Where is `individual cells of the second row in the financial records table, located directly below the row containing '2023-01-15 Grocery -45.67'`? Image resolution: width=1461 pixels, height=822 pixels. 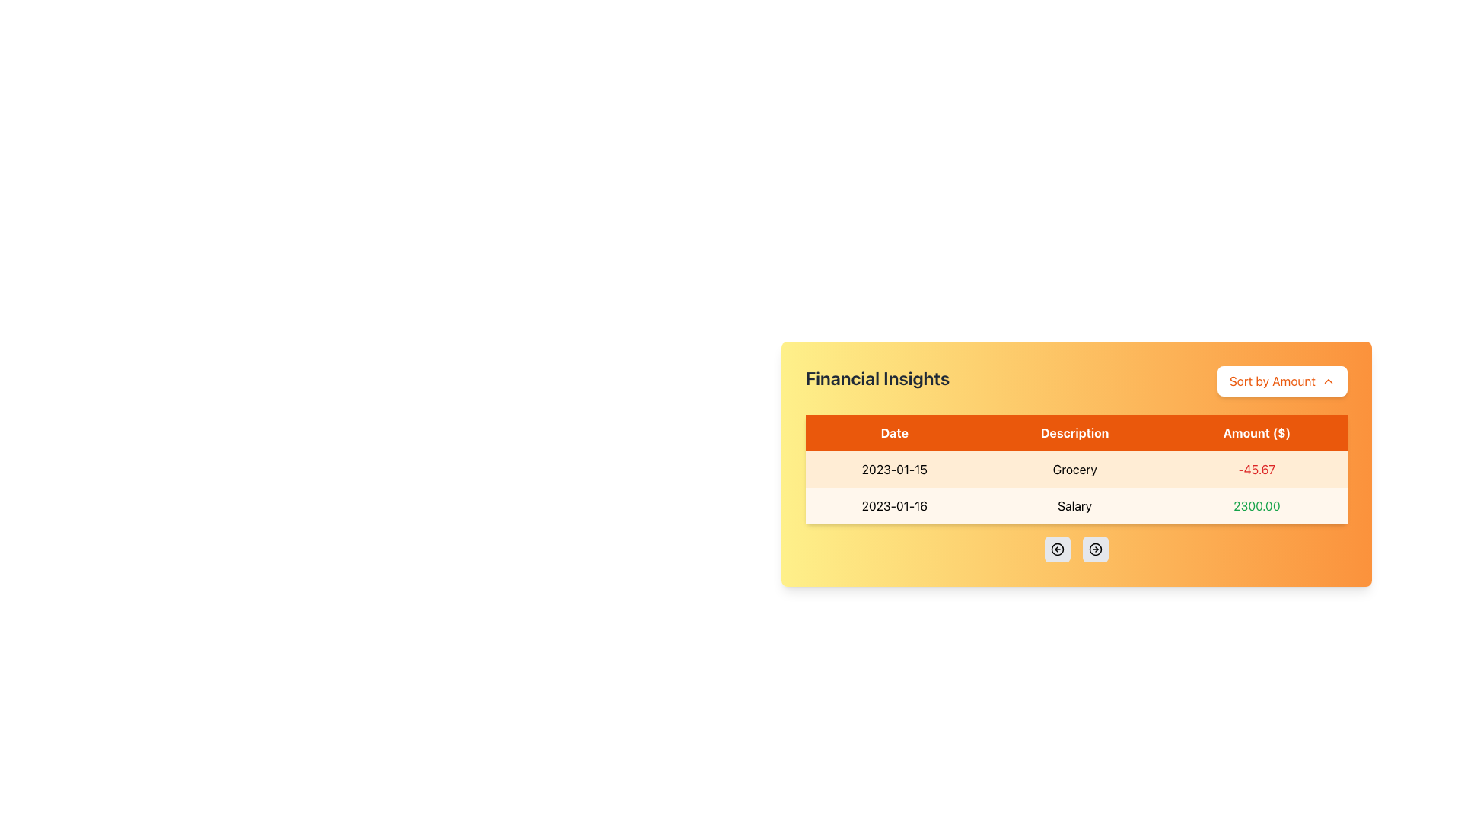 individual cells of the second row in the financial records table, located directly below the row containing '2023-01-15 Grocery -45.67' is located at coordinates (1076, 505).